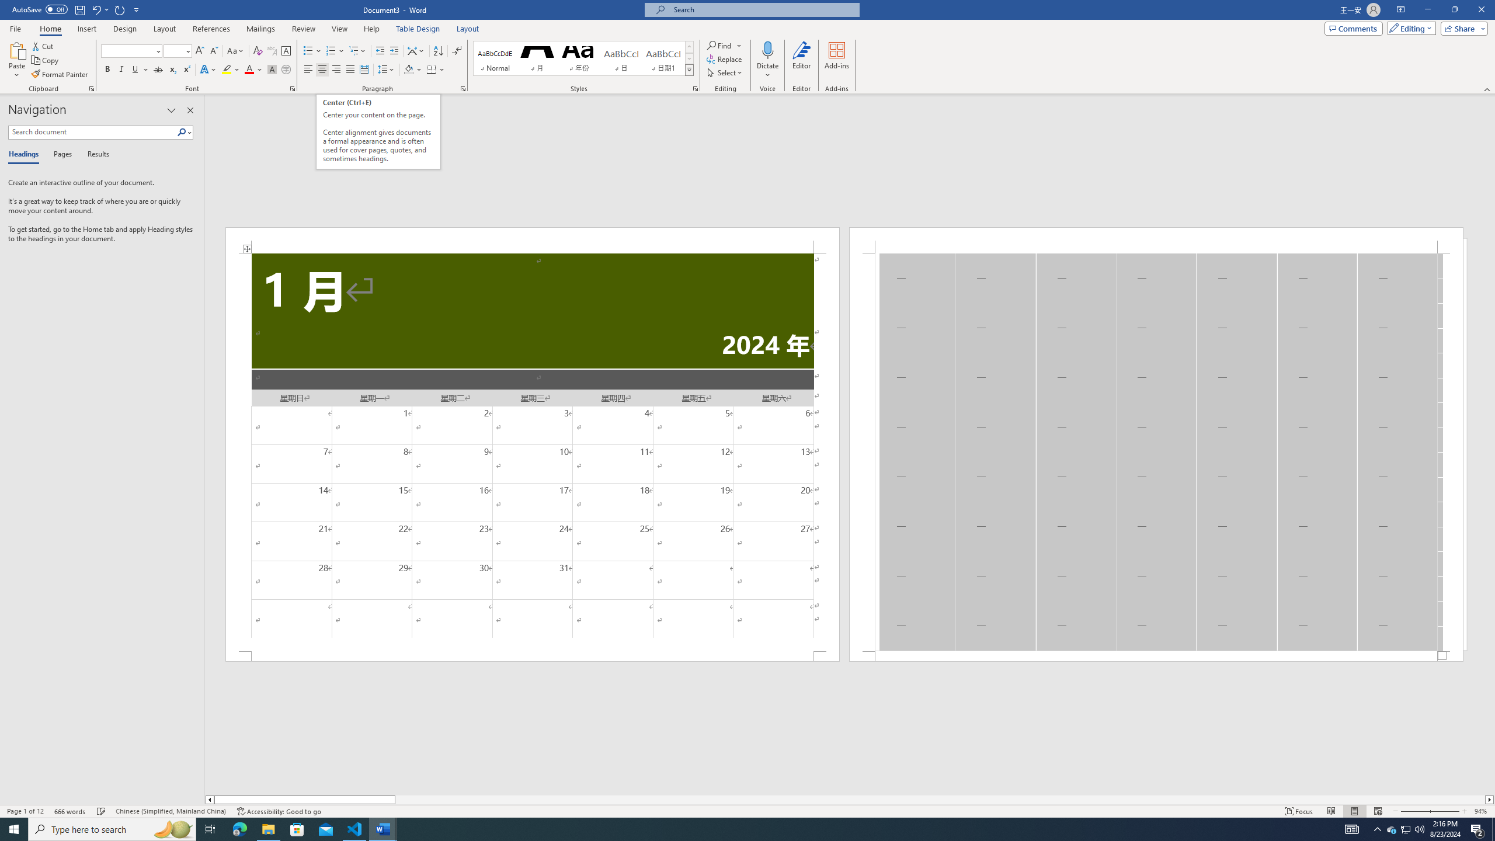 The height and width of the screenshot is (841, 1495). What do you see at coordinates (1156, 655) in the screenshot?
I see `'Footer -Section 1-'` at bounding box center [1156, 655].